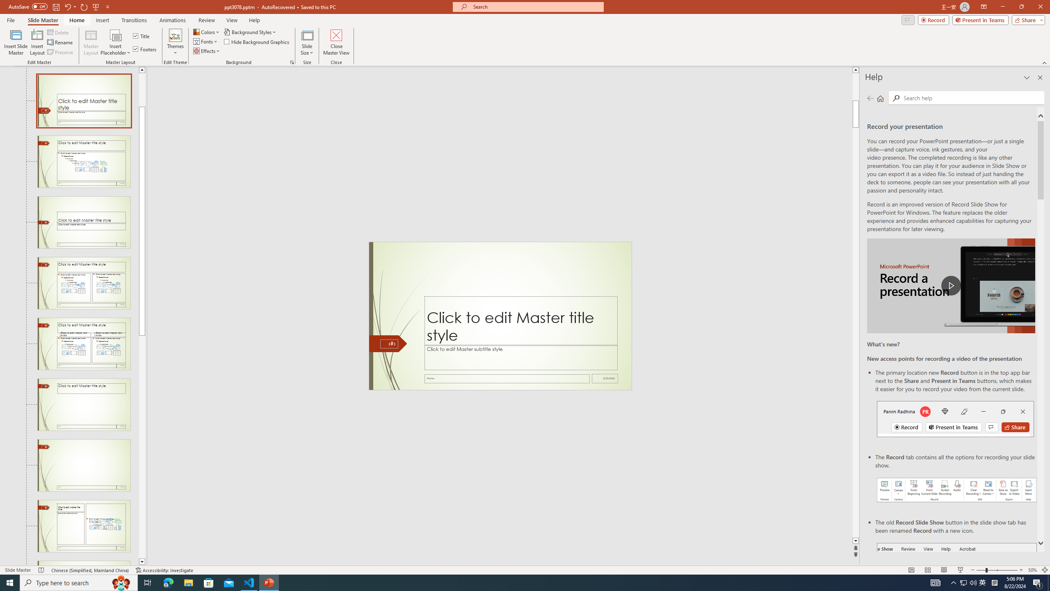 This screenshot has height=591, width=1050. Describe the element at coordinates (58, 32) in the screenshot. I see `'Delete'` at that location.